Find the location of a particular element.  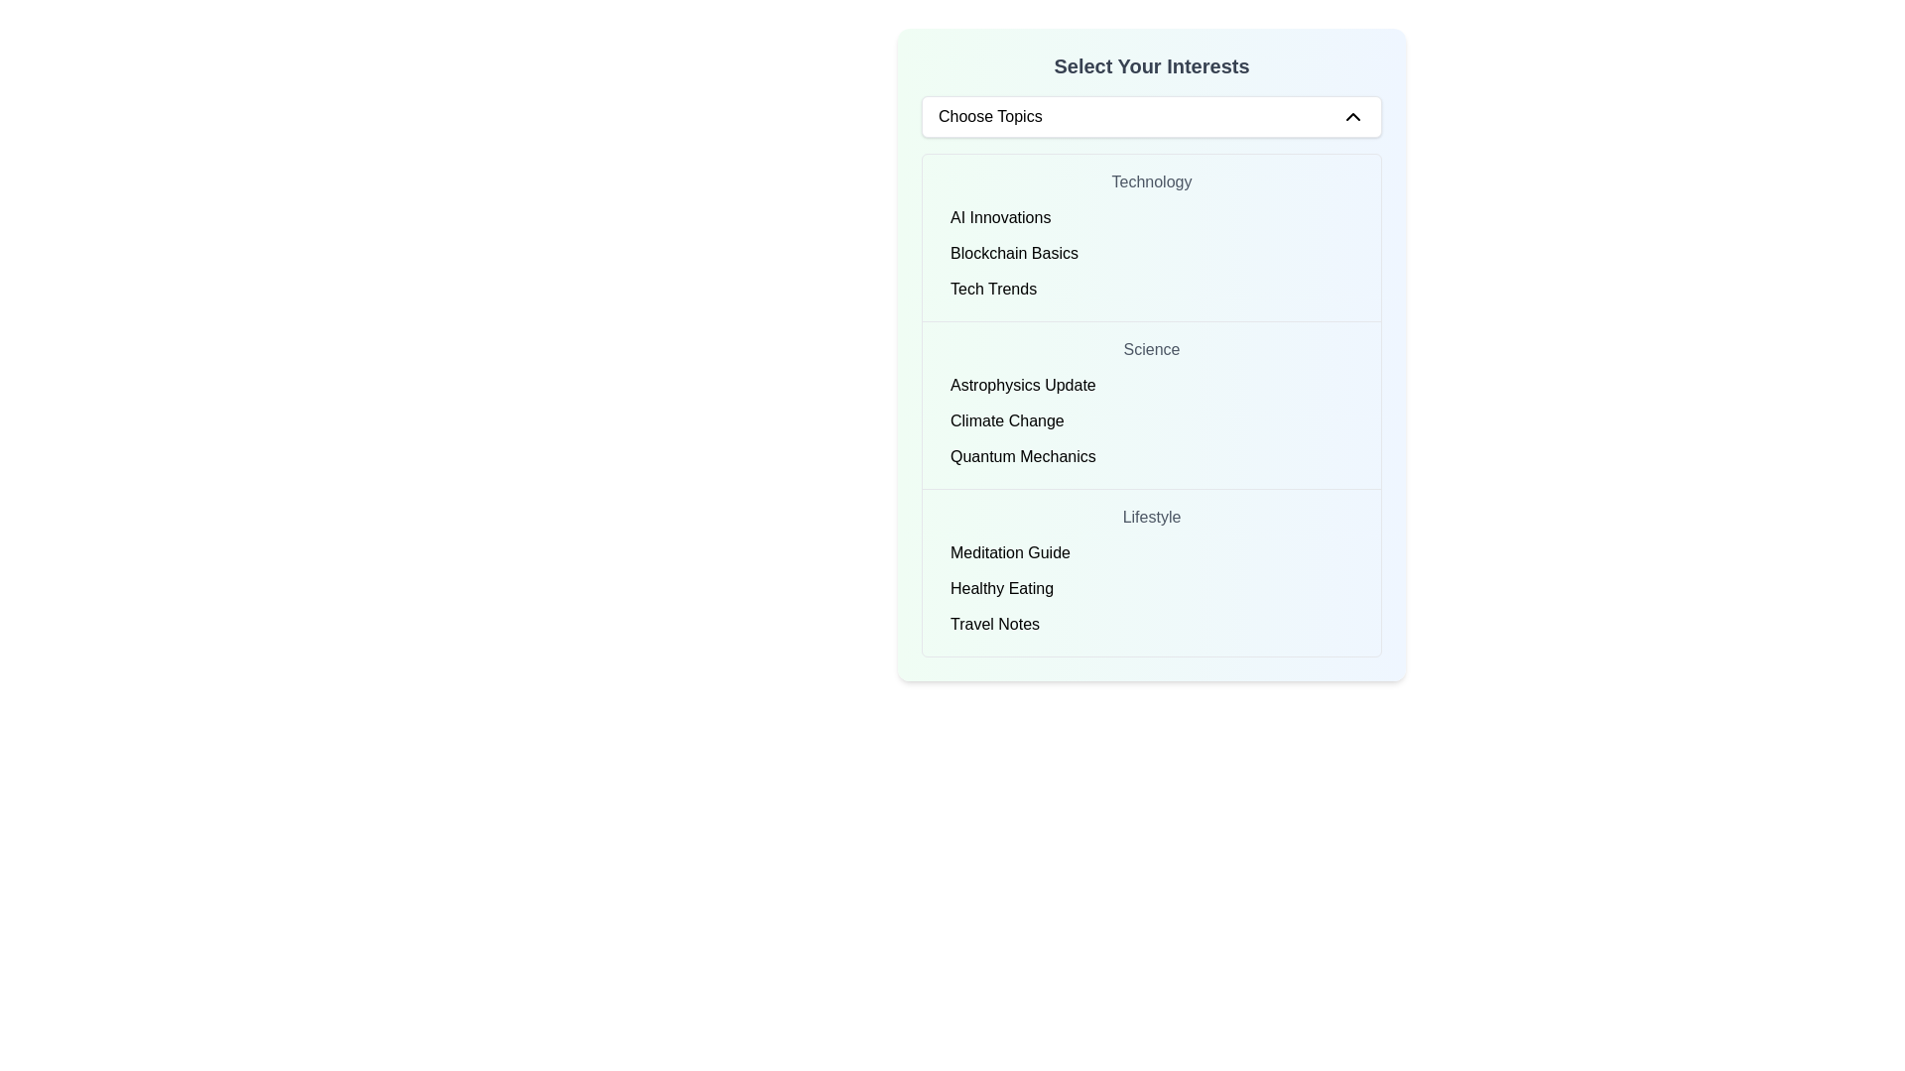

the text label displaying the word 'Lifestyle', which is styled in medium-weight gray font and positioned above 'Meditation Guide' is located at coordinates (1152, 516).